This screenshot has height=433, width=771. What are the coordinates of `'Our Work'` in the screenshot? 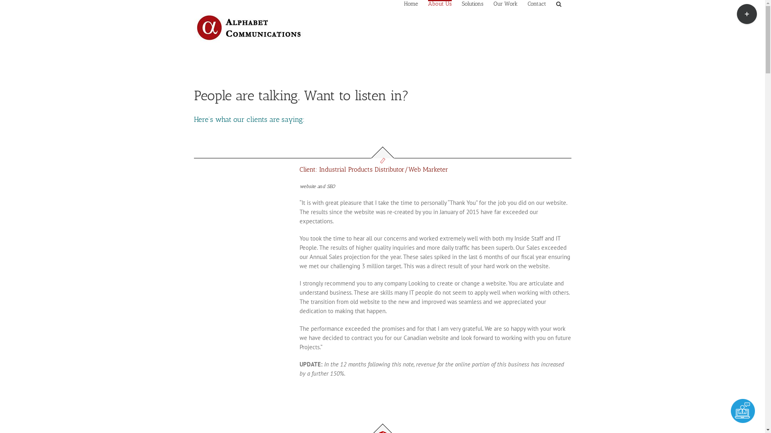 It's located at (504, 3).